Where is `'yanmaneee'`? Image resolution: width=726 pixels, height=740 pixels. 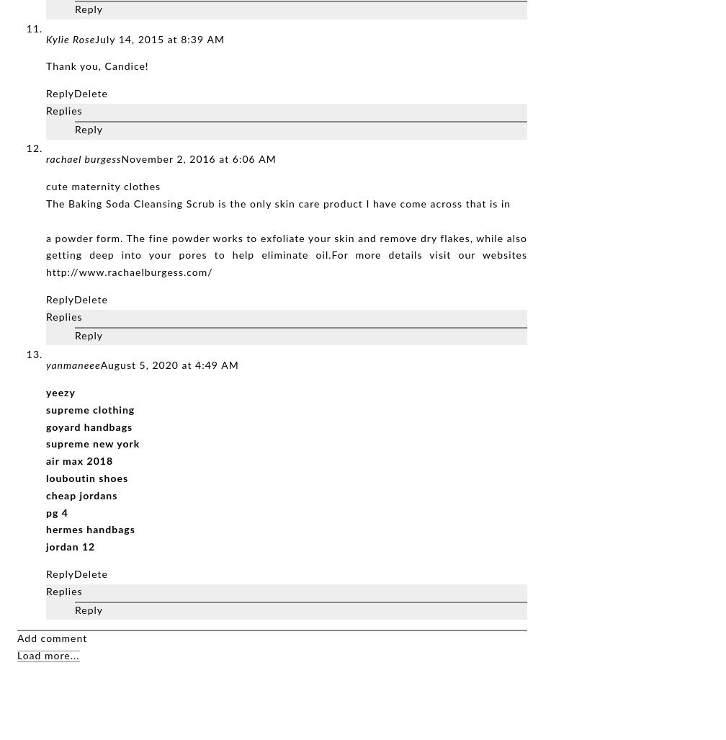
'yanmaneee' is located at coordinates (46, 365).